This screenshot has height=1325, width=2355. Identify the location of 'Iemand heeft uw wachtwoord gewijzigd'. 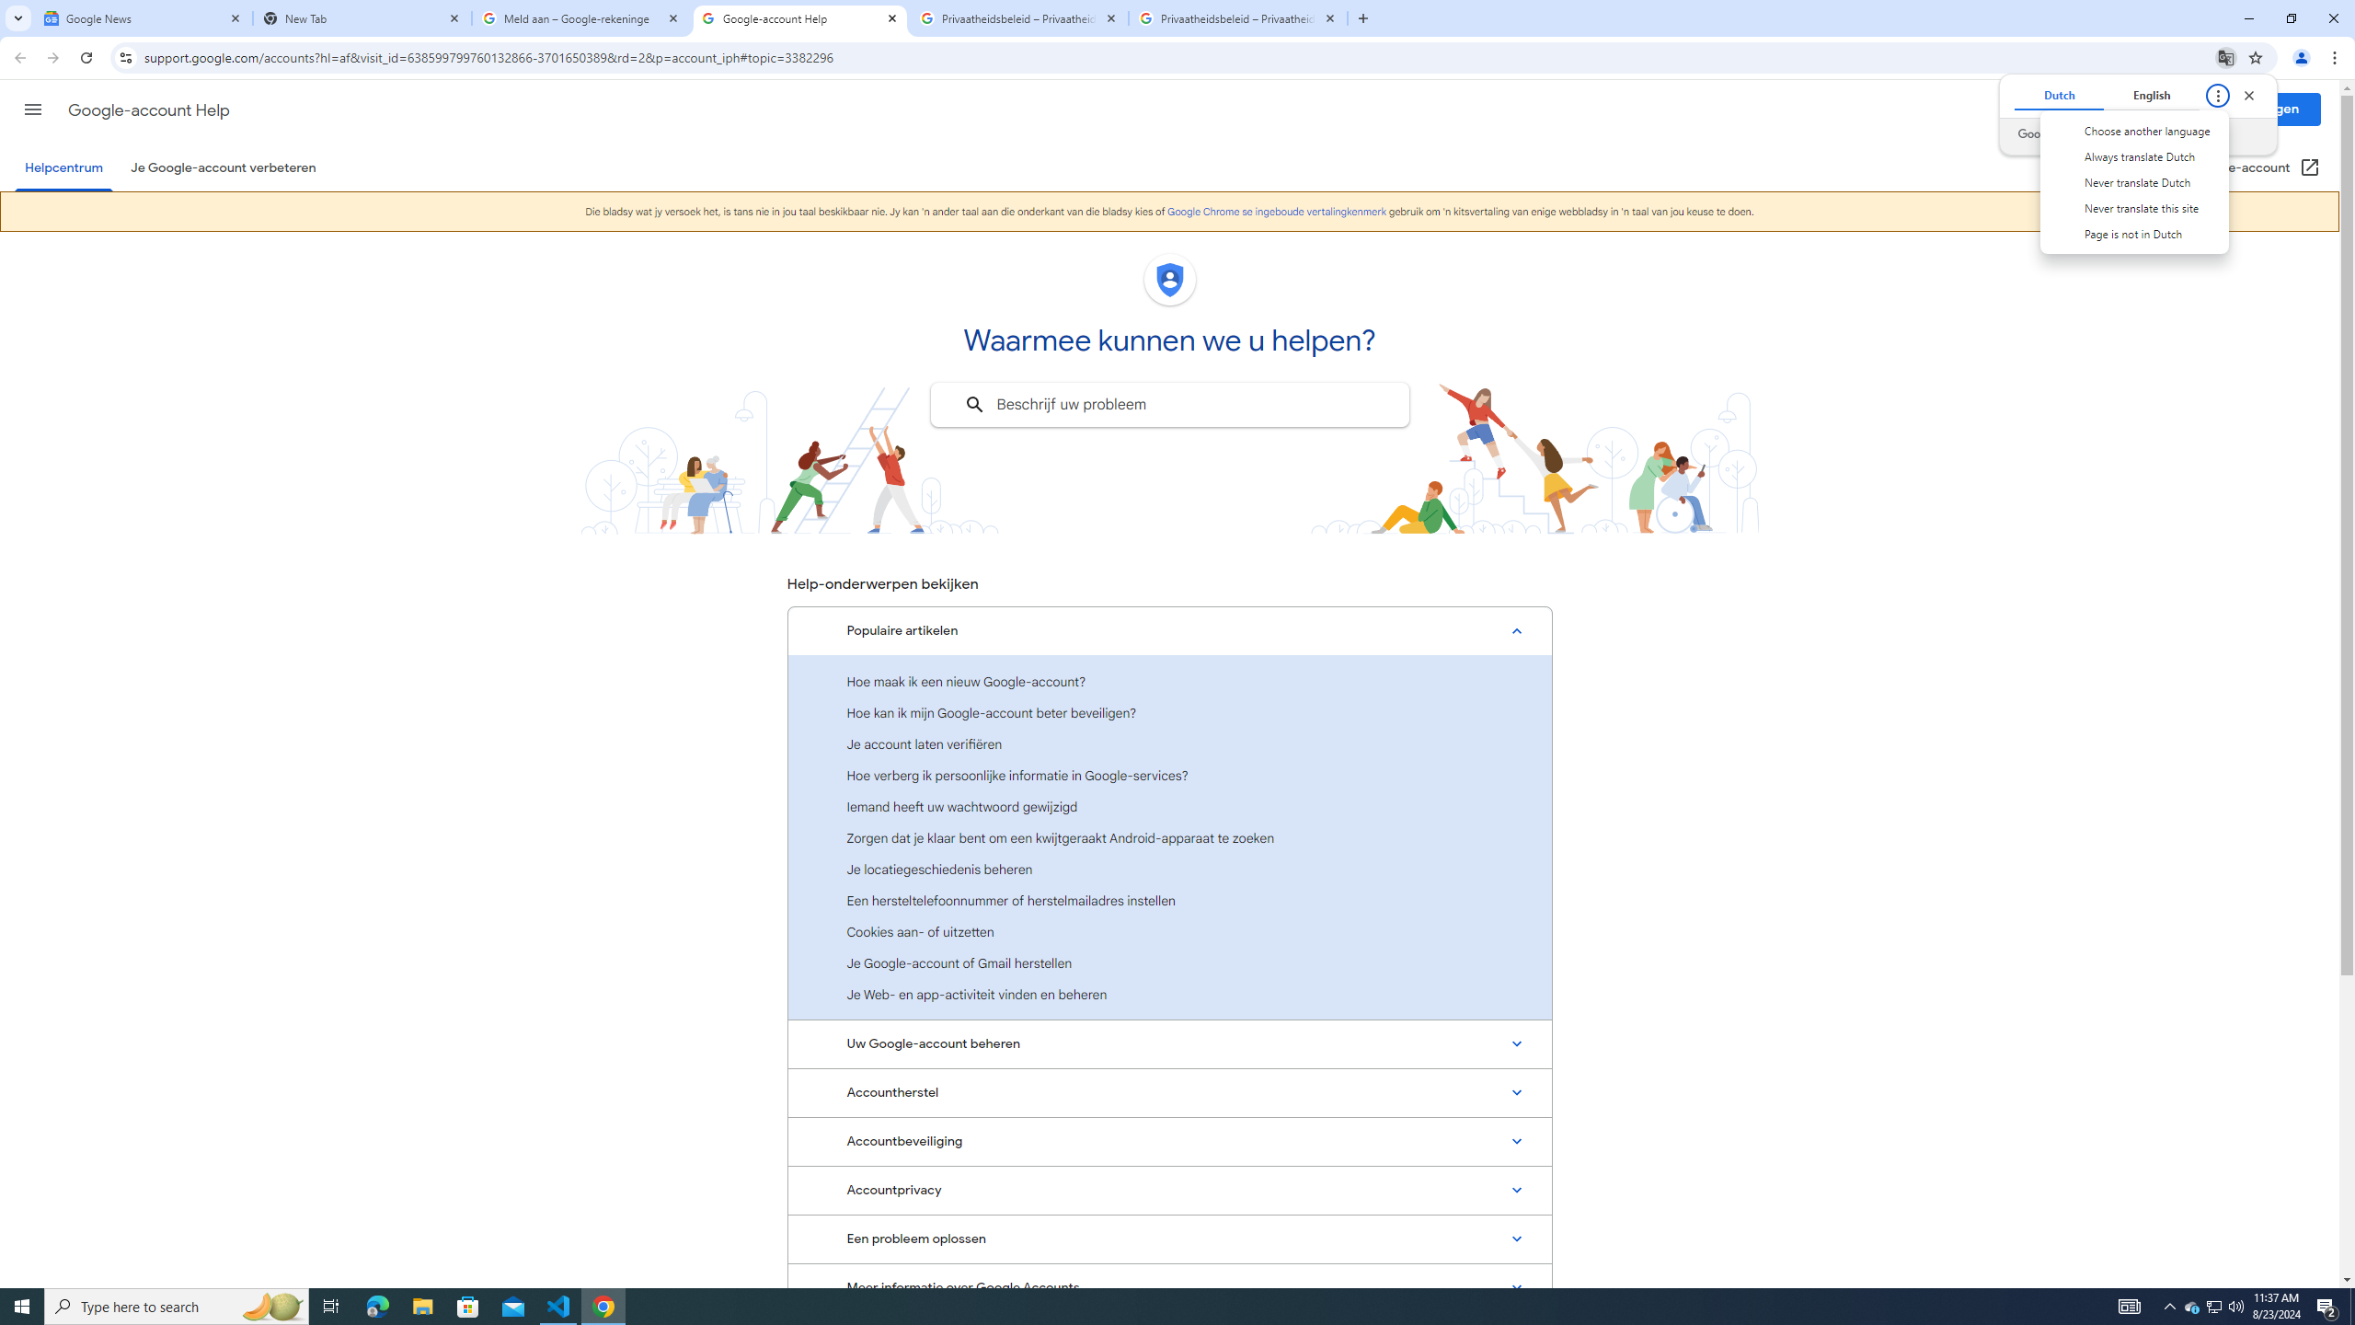
(1169, 806).